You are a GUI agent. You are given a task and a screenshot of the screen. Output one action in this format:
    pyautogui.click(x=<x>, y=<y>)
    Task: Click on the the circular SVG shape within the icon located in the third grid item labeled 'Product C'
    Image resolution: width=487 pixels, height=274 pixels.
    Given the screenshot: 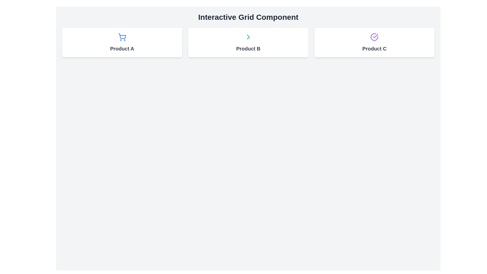 What is the action you would take?
    pyautogui.click(x=374, y=37)
    